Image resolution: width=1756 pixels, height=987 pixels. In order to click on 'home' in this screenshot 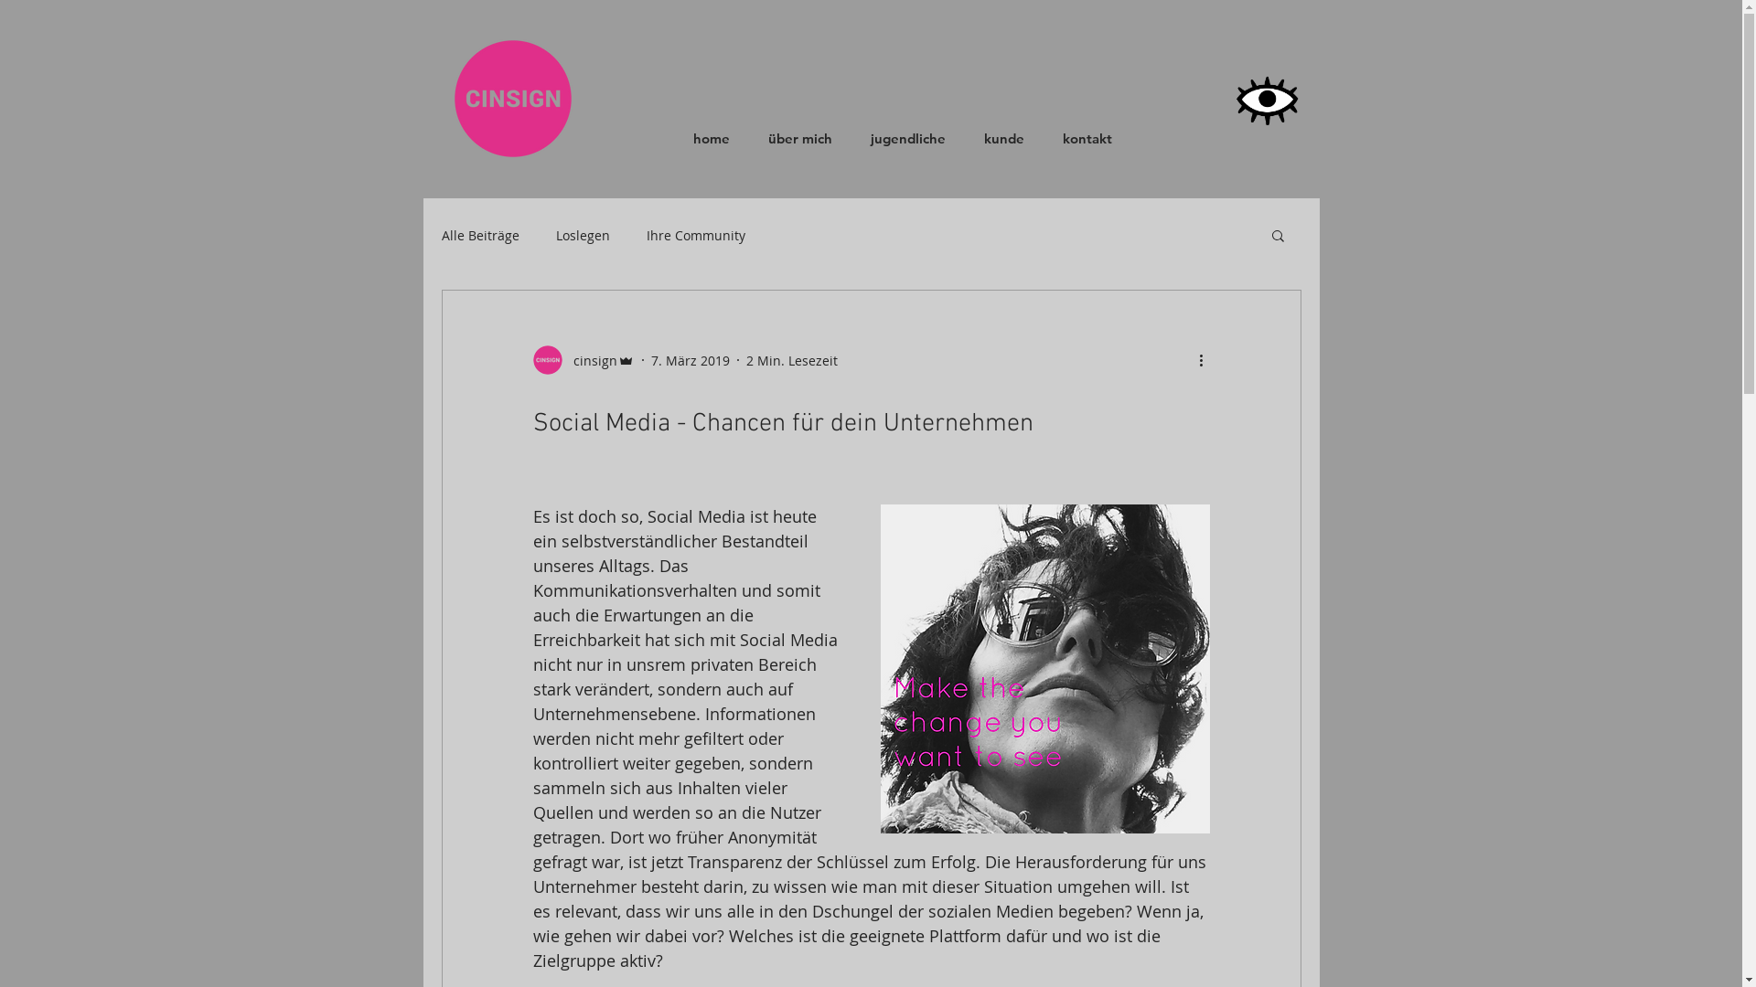, I will do `click(710, 137)`.